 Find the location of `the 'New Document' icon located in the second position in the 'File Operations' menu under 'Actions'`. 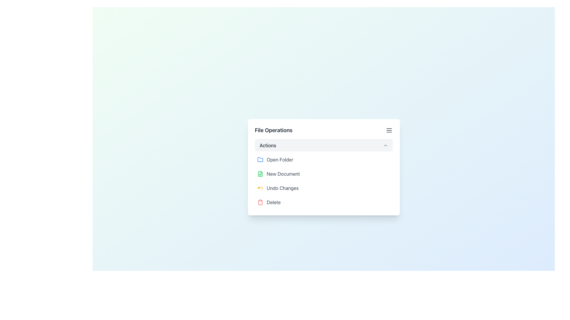

the 'New Document' icon located in the second position in the 'File Operations' menu under 'Actions' is located at coordinates (260, 173).